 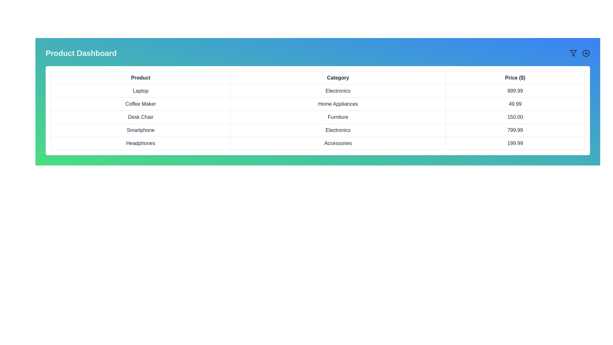 I want to click on the text content of the table cell displaying the item name 'Desk Chair', which is located in the third row of the product table under the 'Product' column, so click(x=140, y=117).